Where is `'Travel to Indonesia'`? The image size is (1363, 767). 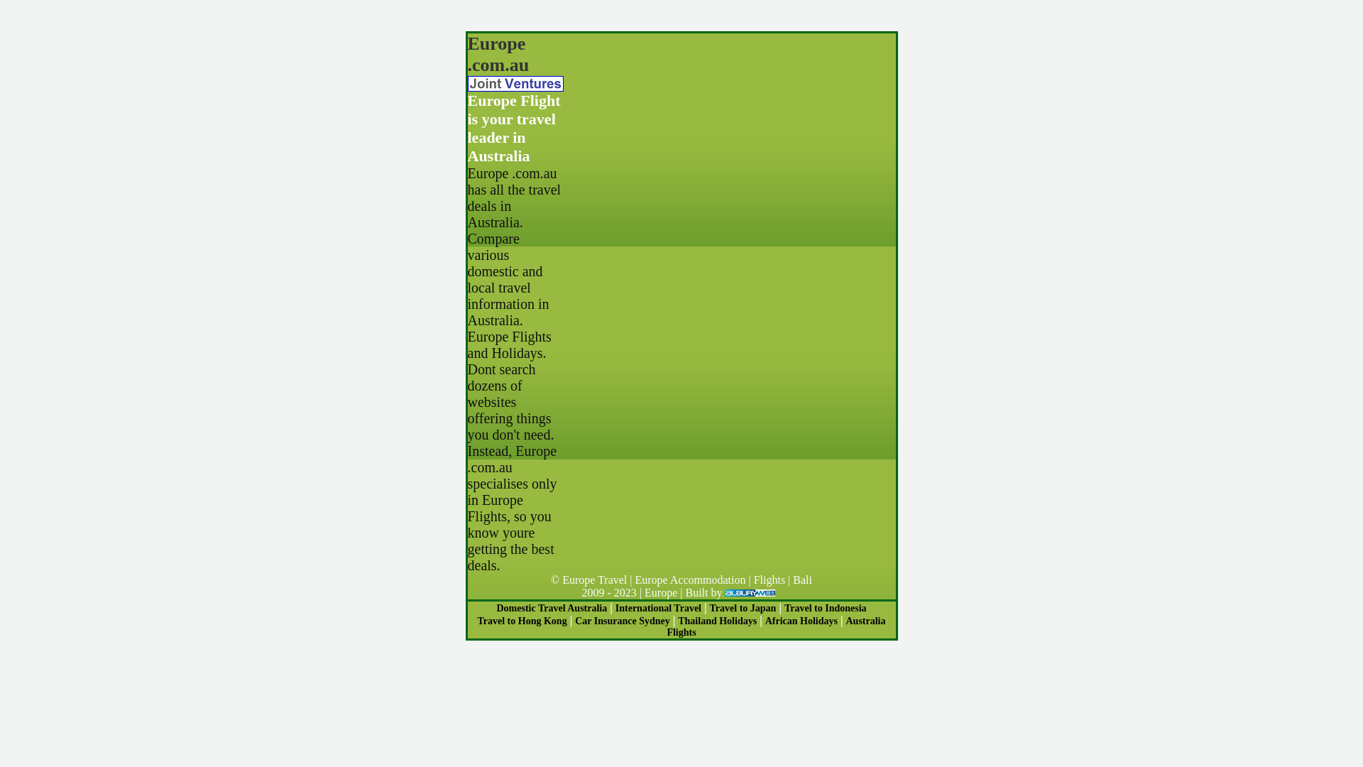
'Travel to Indonesia' is located at coordinates (825, 607).